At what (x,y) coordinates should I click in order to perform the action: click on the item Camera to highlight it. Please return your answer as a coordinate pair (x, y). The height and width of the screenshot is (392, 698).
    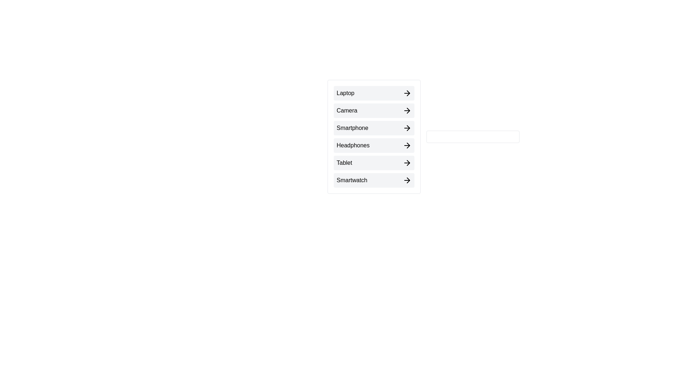
    Looking at the image, I should click on (374, 110).